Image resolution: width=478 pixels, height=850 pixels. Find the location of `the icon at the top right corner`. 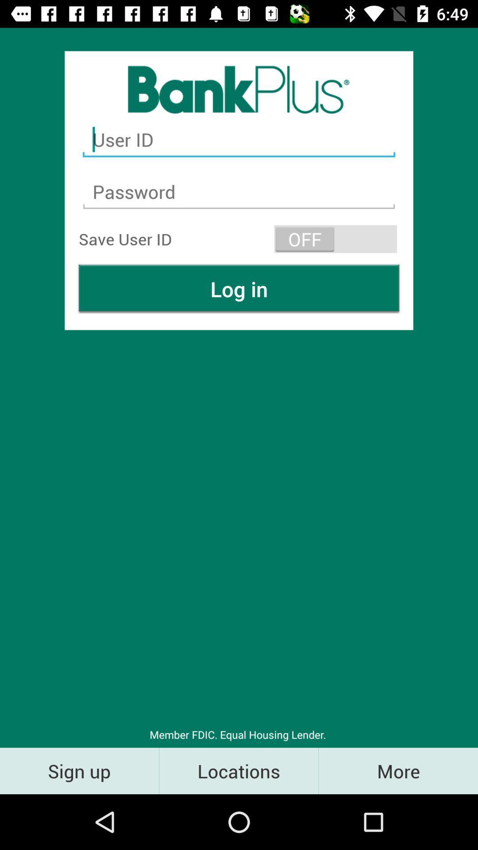

the icon at the top right corner is located at coordinates (335, 239).